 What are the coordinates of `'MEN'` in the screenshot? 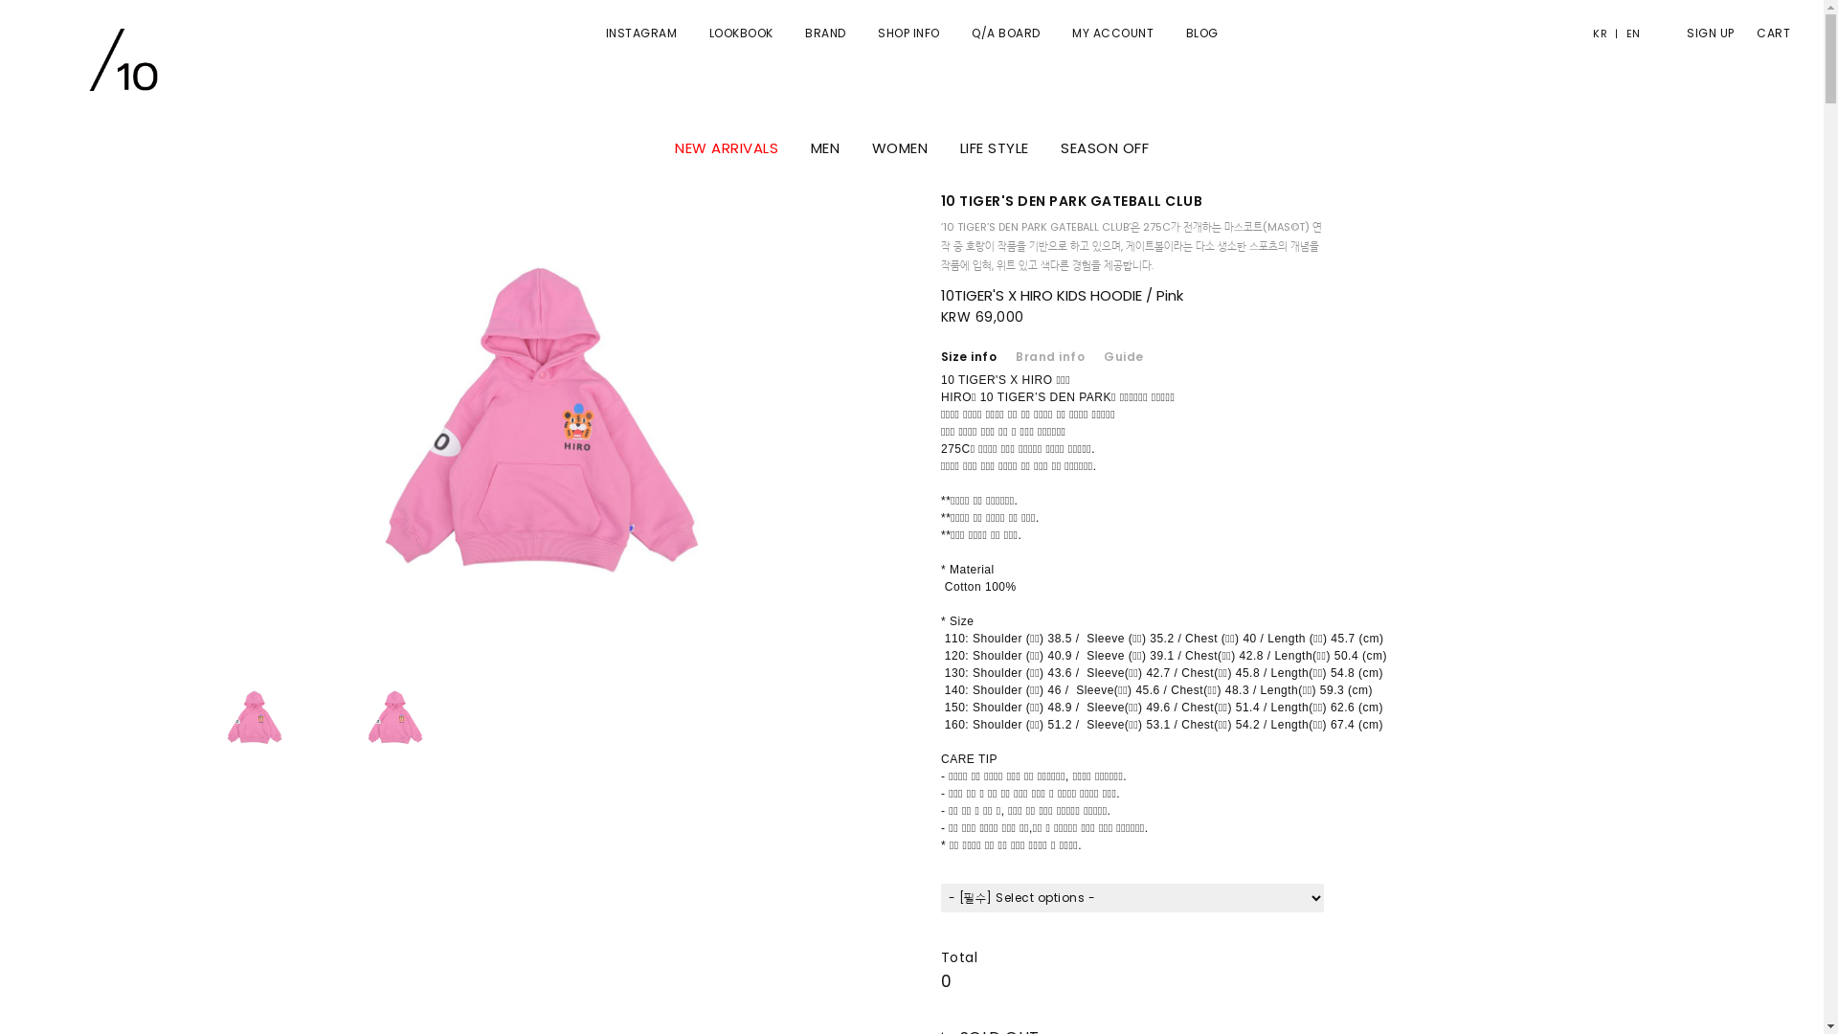 It's located at (824, 146).